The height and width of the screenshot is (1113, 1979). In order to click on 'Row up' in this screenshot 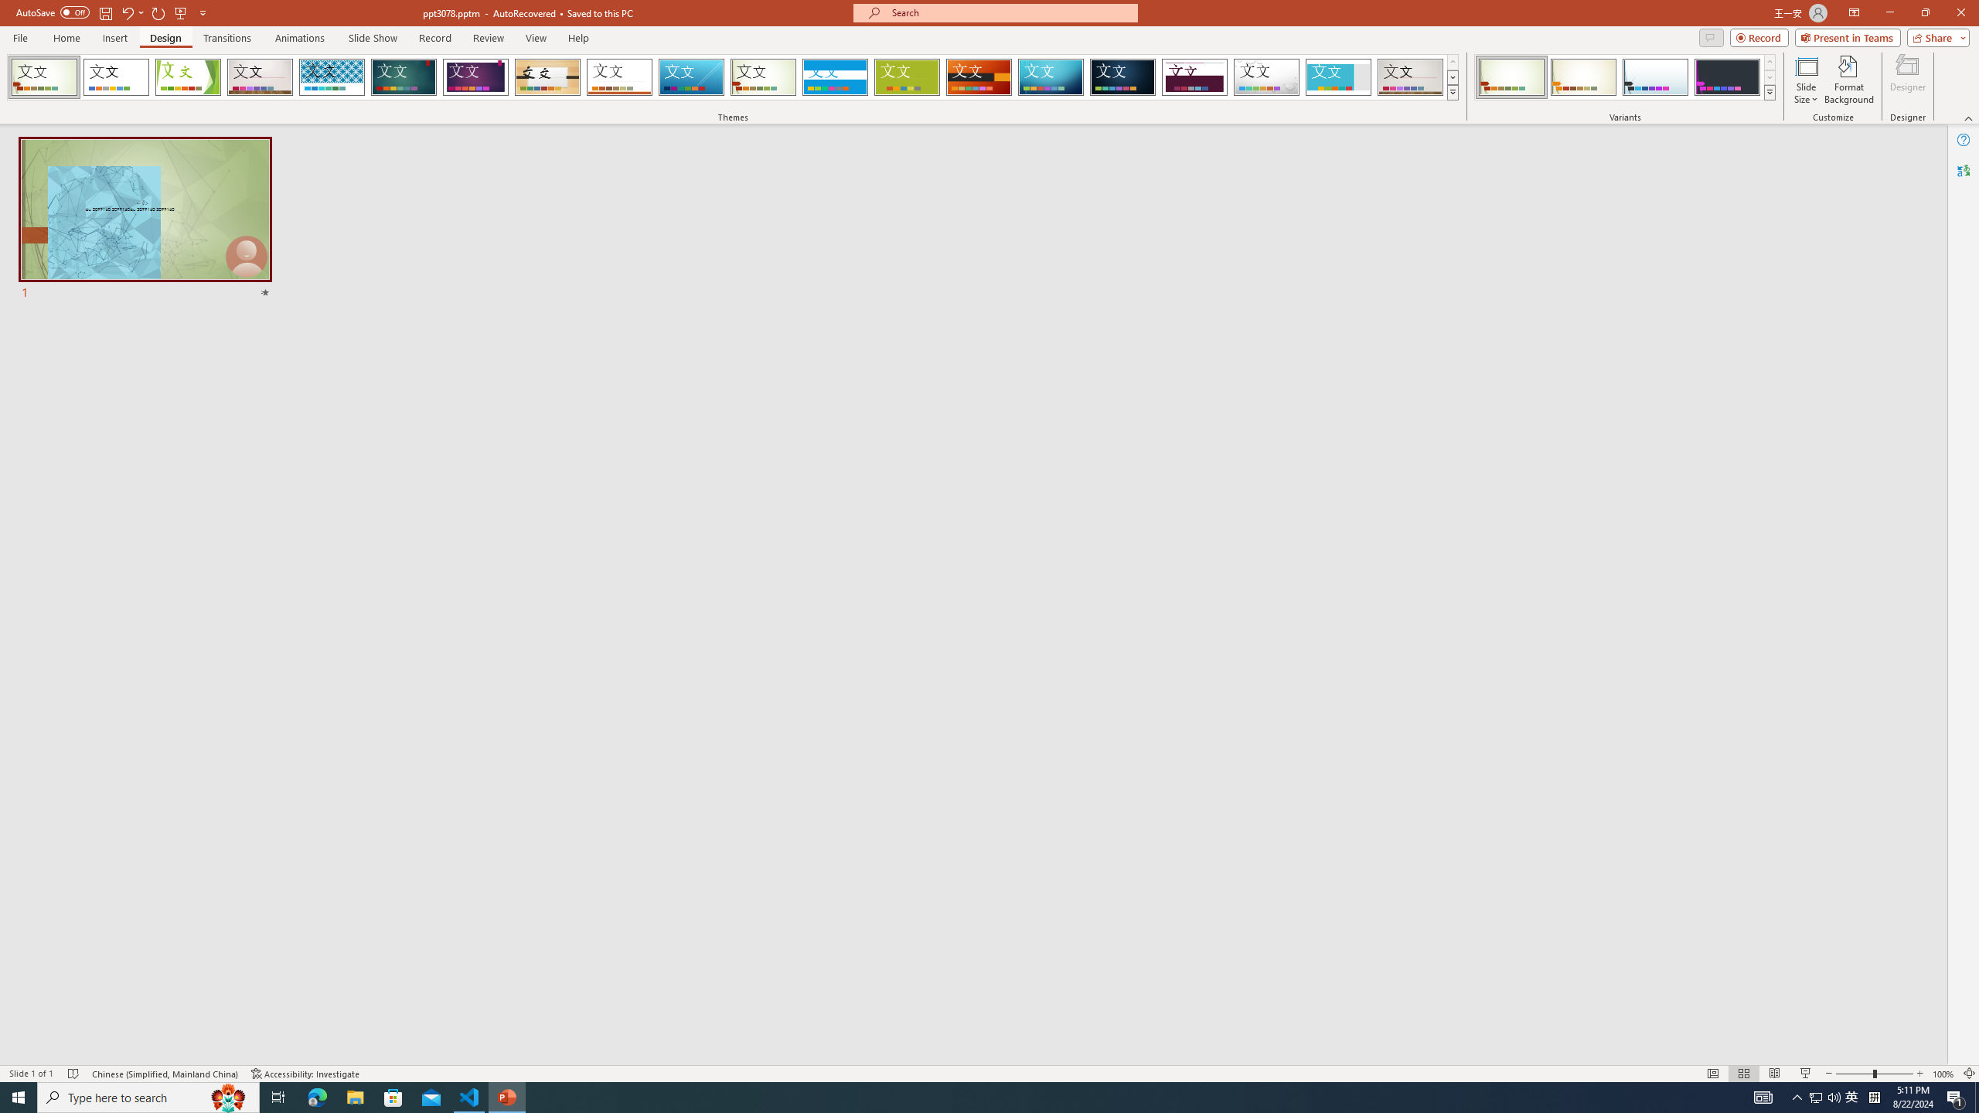, I will do `click(1768, 62)`.